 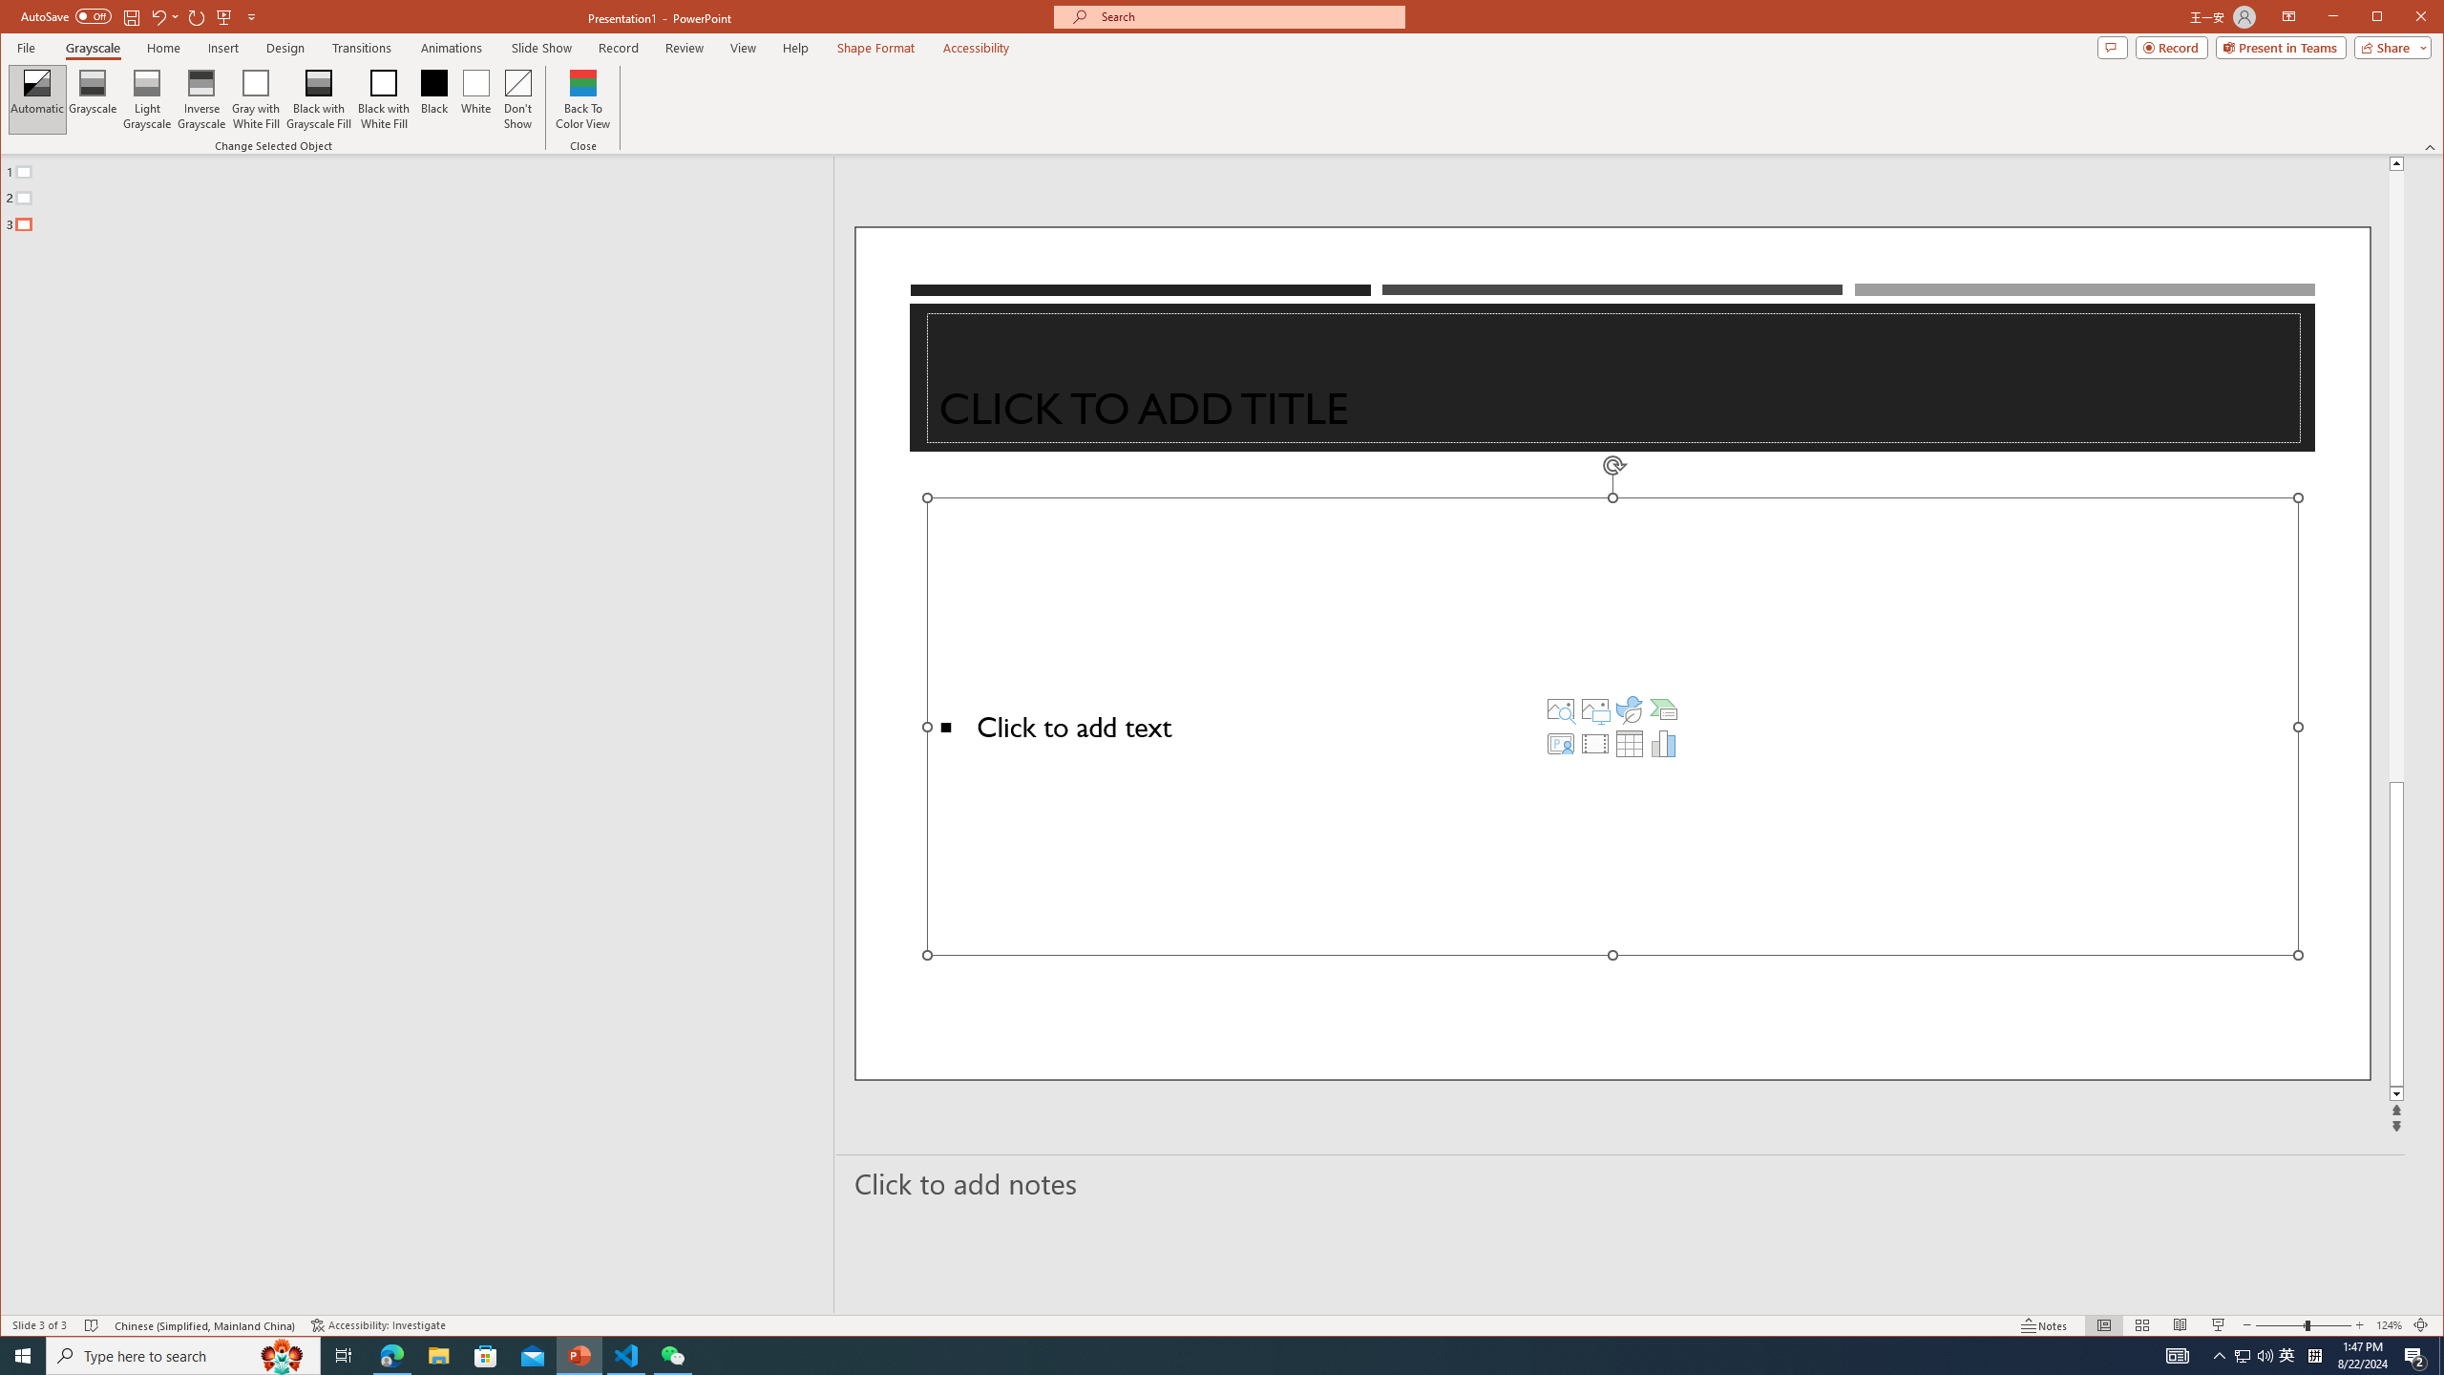 What do you see at coordinates (319, 98) in the screenshot?
I see `'Black with Grayscale Fill'` at bounding box center [319, 98].